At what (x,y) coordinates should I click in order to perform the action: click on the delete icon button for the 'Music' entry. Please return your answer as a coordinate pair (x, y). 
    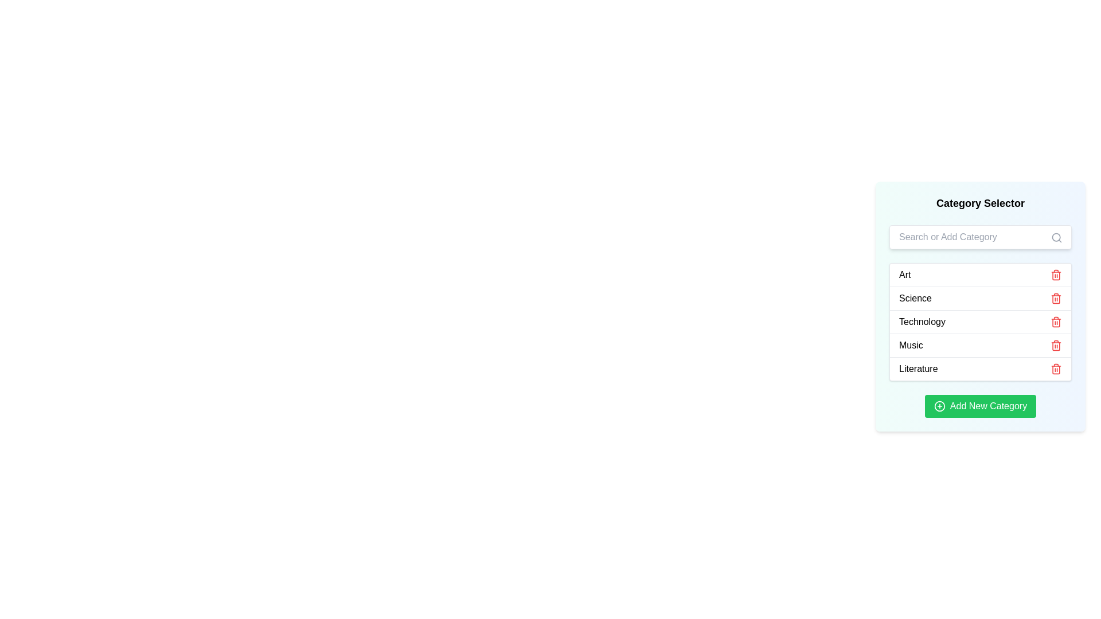
    Looking at the image, I should click on (1056, 344).